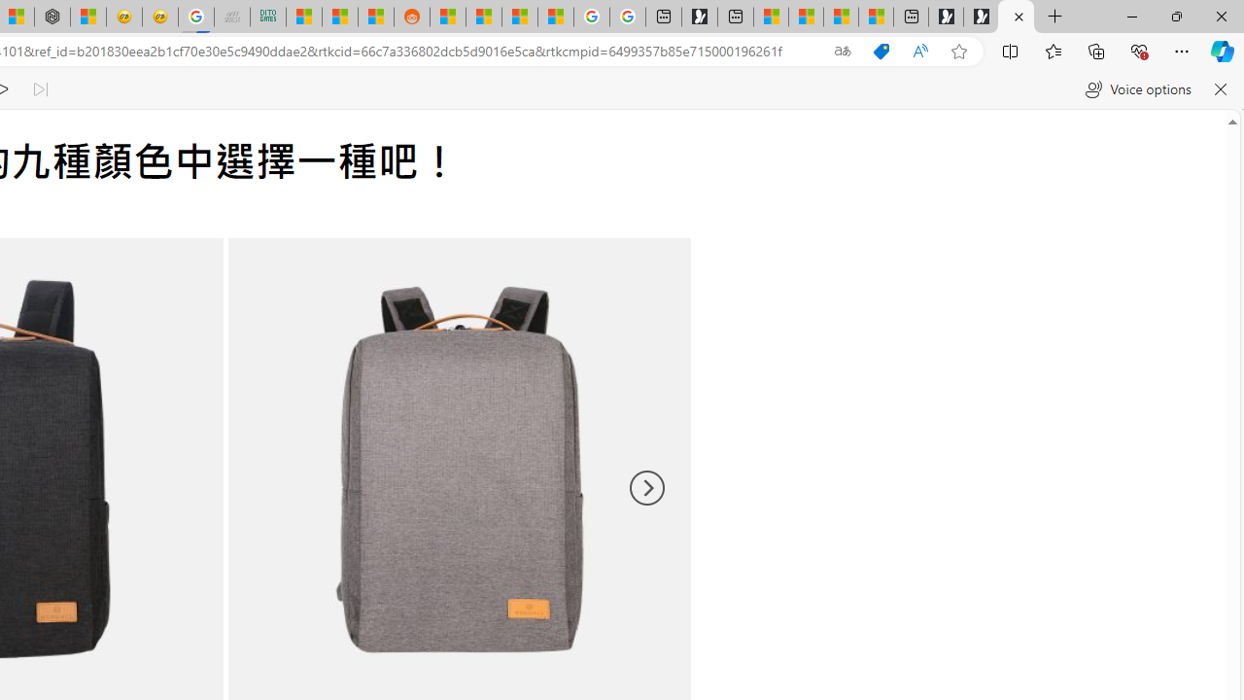 Image resolution: width=1244 pixels, height=700 pixels. What do you see at coordinates (645, 487) in the screenshot?
I see `'Class: flickity-button-icon'` at bounding box center [645, 487].